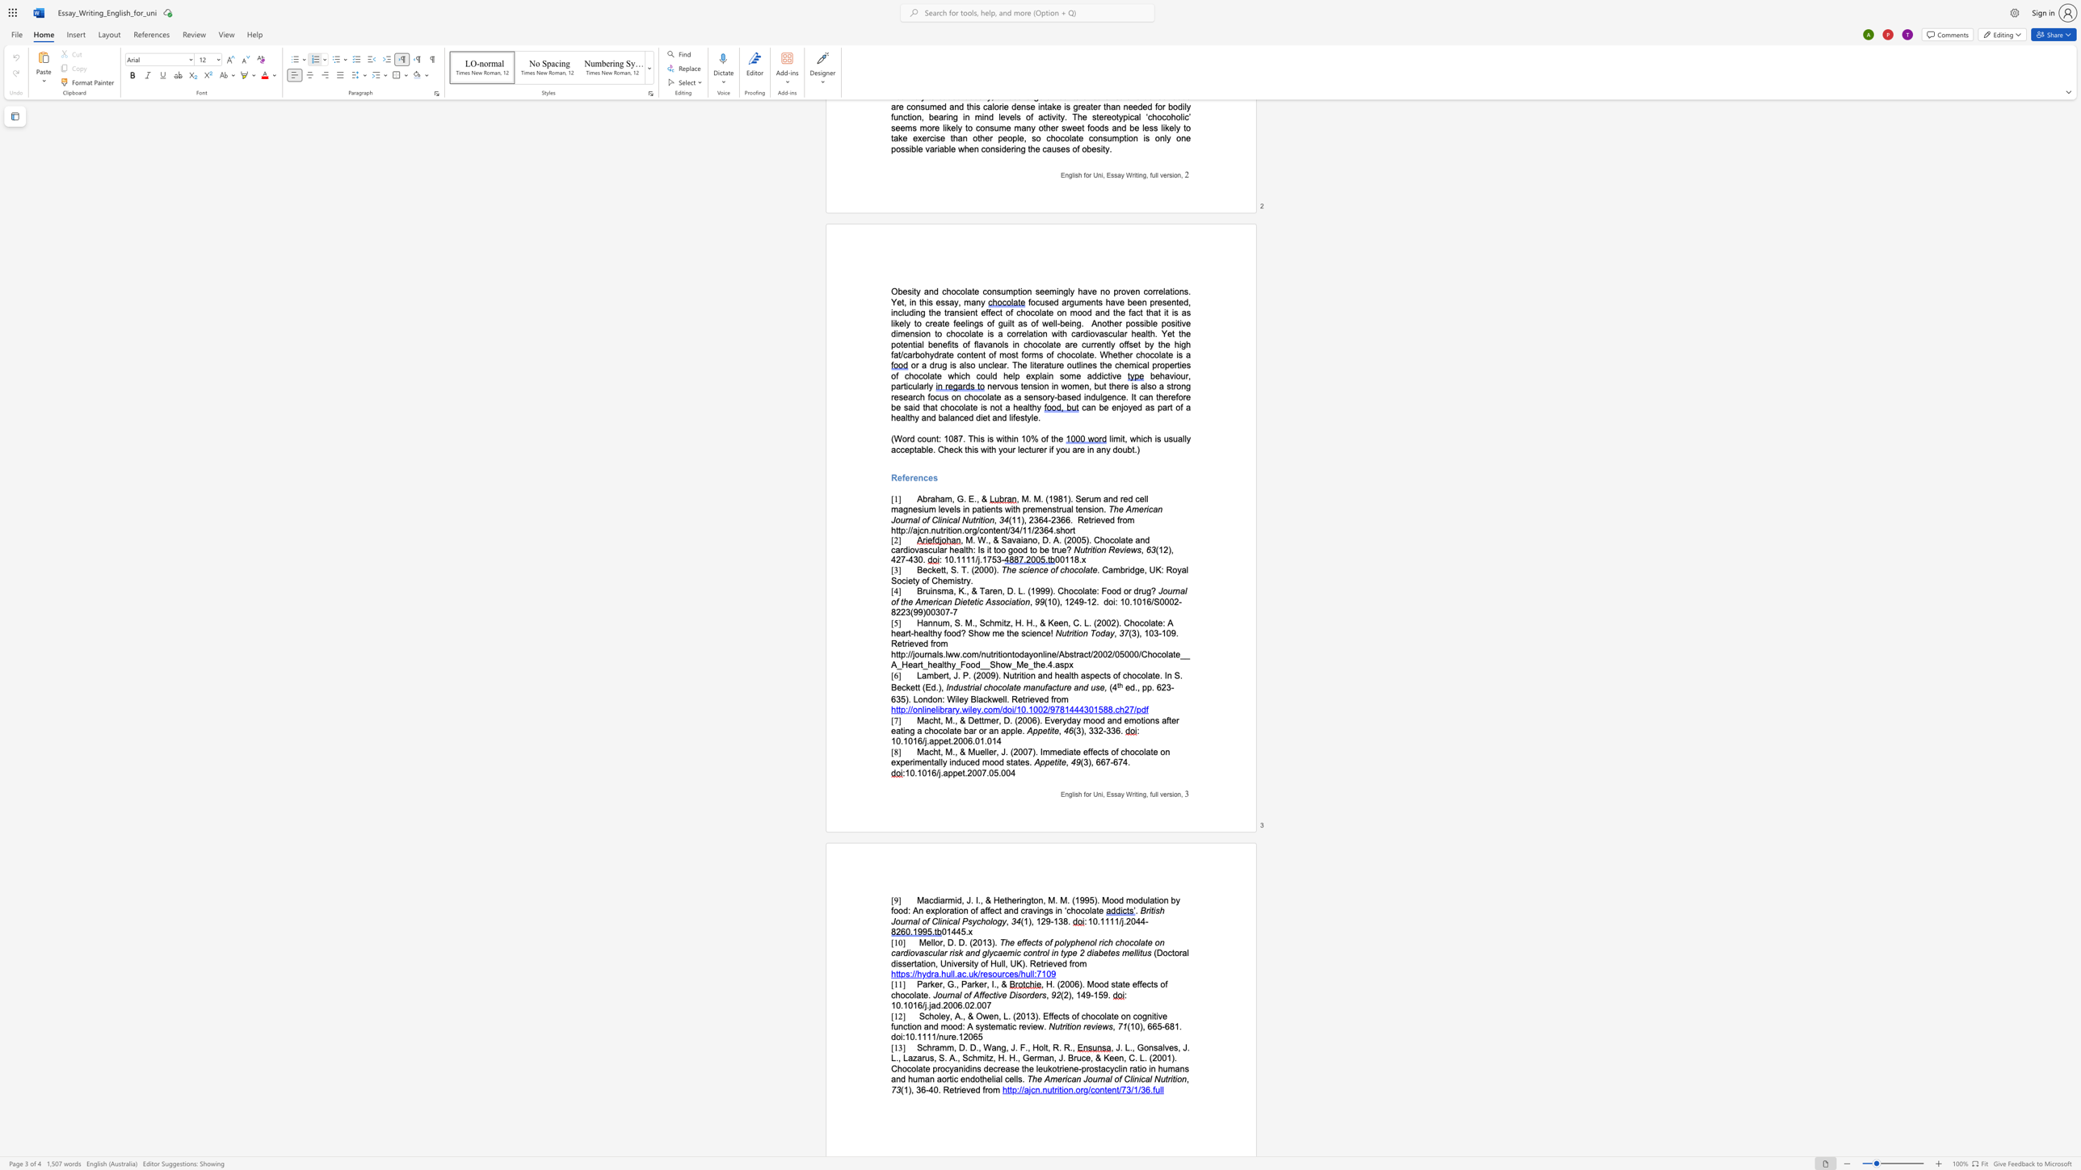 The image size is (2081, 1170). Describe the element at coordinates (977, 942) in the screenshot. I see `the space between the continuous character "2" and "0" in the text` at that location.